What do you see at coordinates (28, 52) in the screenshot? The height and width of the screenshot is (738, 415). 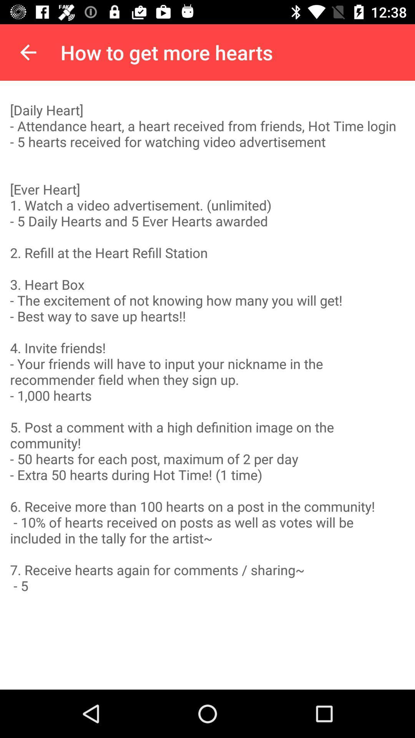 I see `the icon next to the how to get item` at bounding box center [28, 52].